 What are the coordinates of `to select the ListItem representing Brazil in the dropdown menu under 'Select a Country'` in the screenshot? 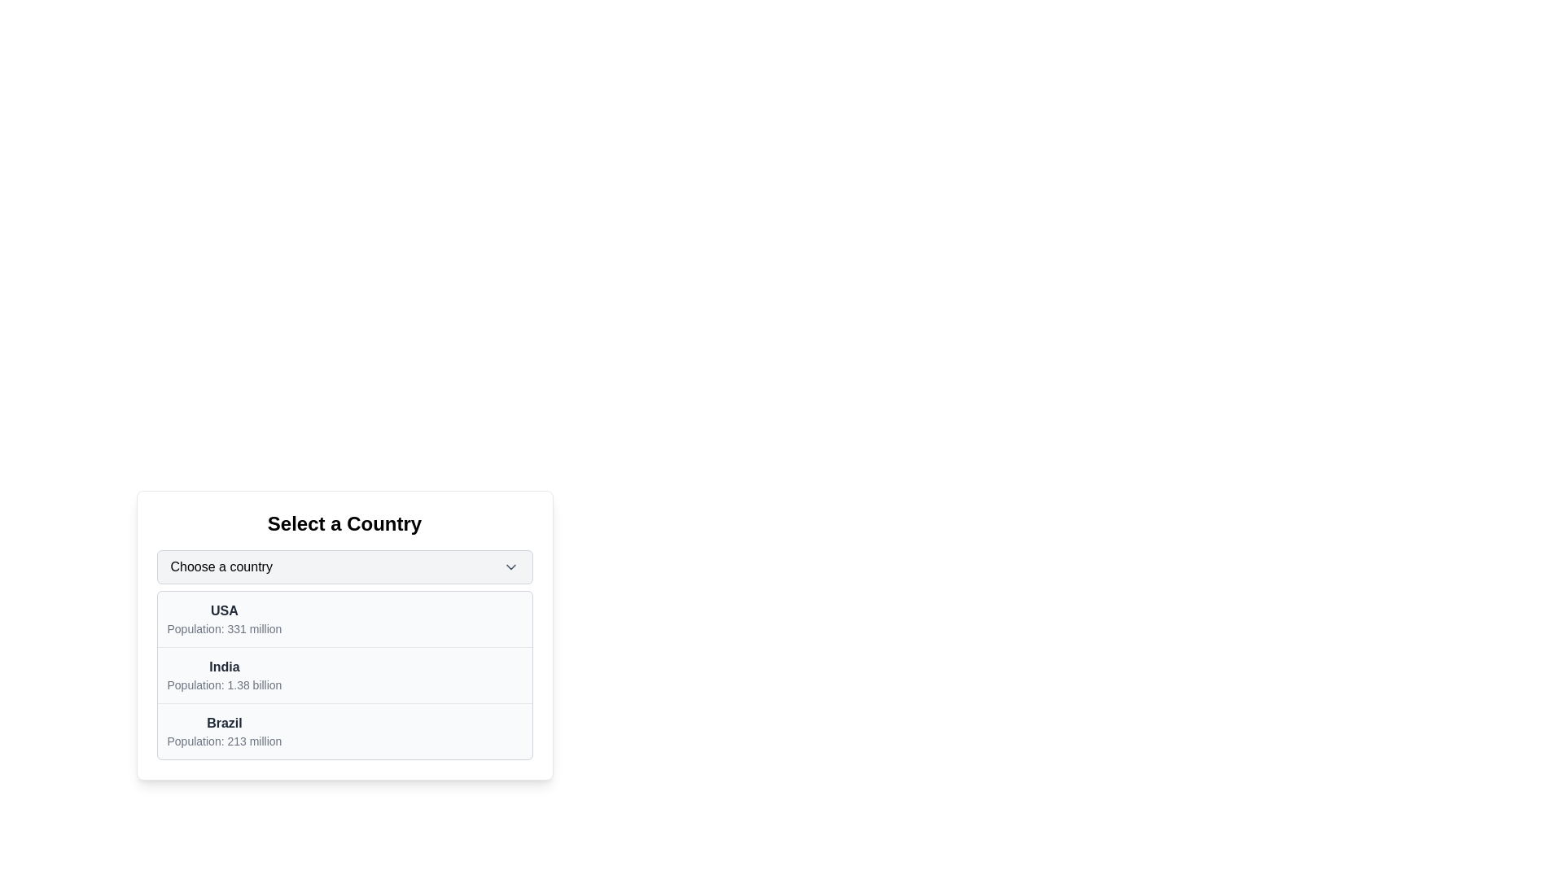 It's located at (344, 730).